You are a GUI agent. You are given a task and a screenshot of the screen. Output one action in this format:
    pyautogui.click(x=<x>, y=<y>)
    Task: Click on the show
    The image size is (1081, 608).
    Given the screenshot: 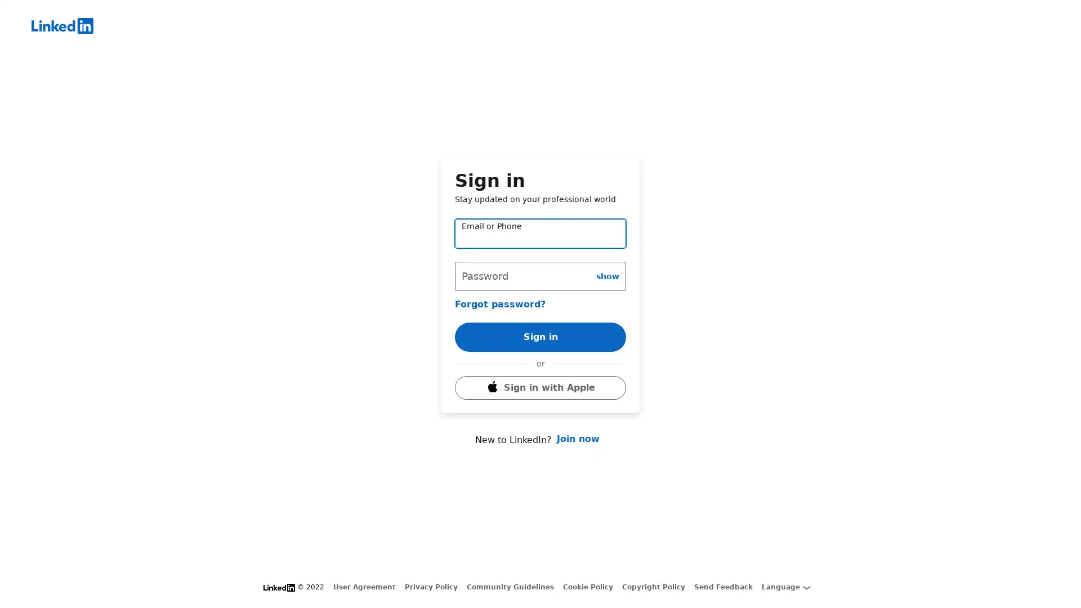 What is the action you would take?
    pyautogui.click(x=607, y=260)
    